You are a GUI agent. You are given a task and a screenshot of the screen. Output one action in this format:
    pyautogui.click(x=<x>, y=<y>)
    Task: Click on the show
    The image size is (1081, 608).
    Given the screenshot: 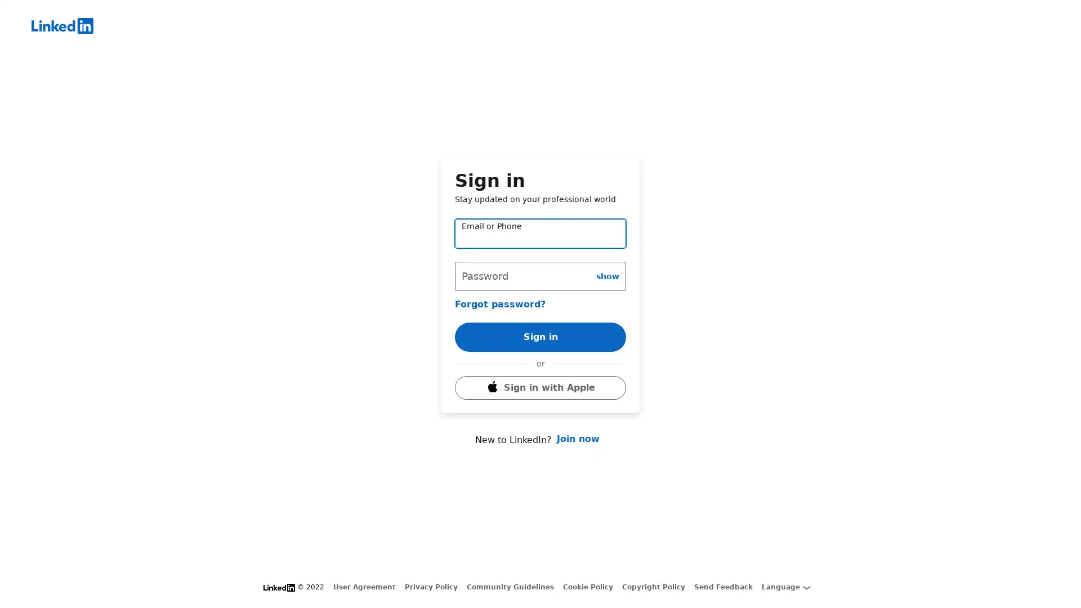 What is the action you would take?
    pyautogui.click(x=607, y=260)
    